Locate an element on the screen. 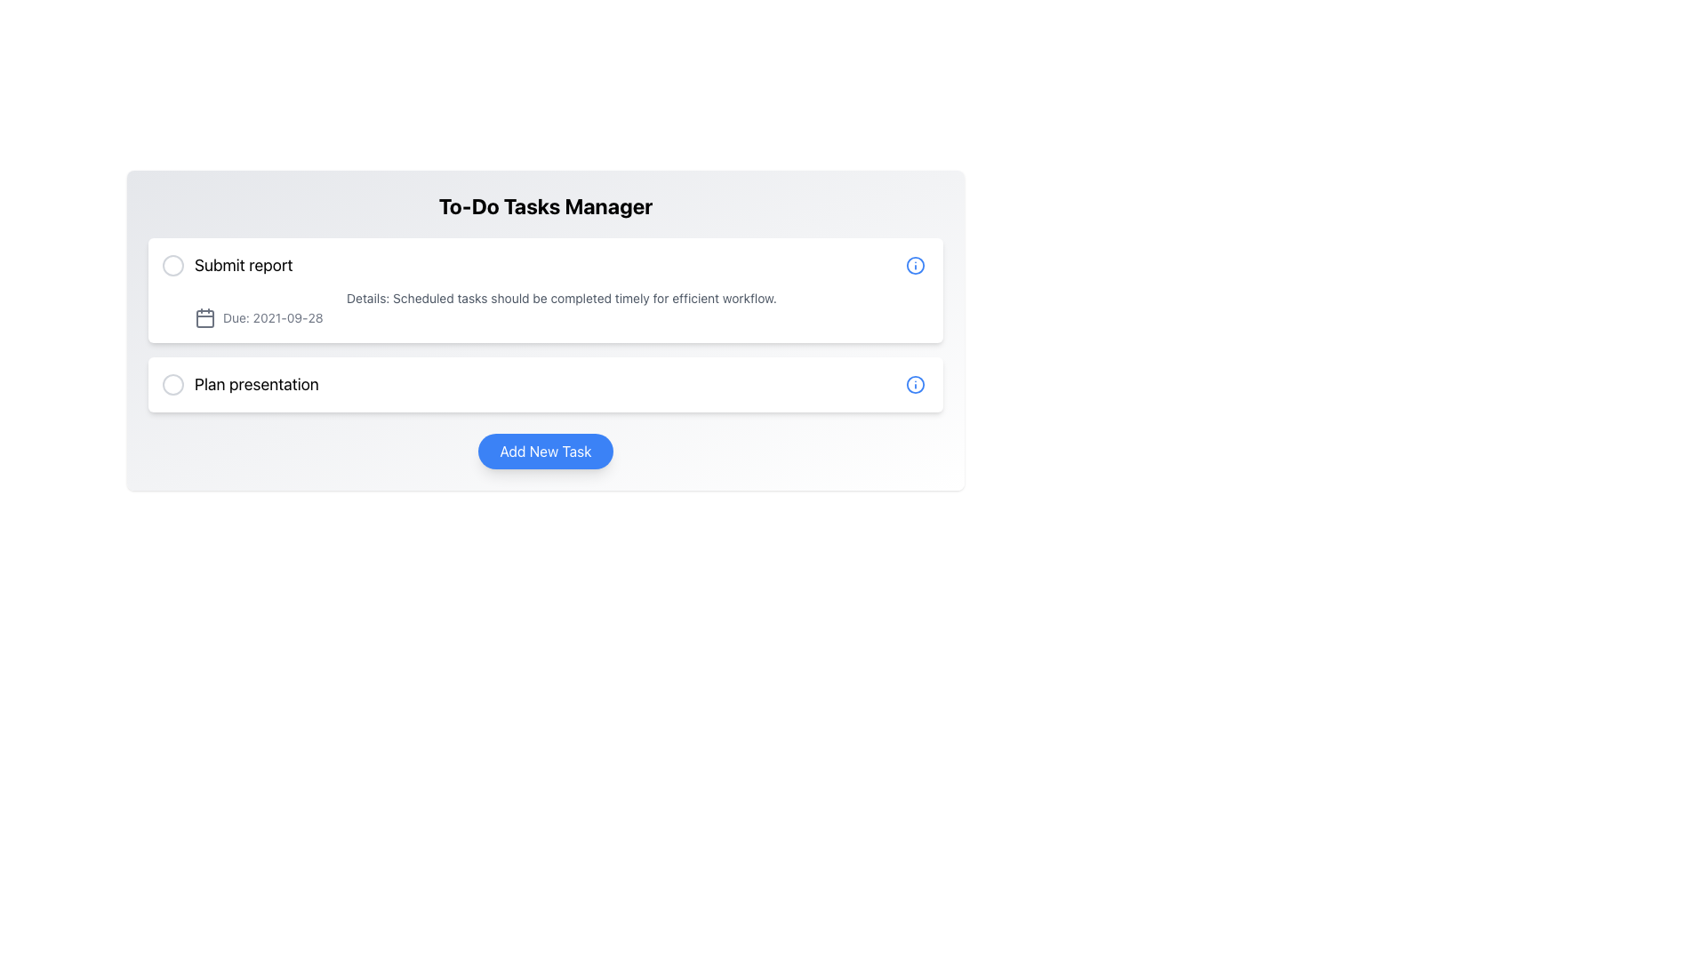 Image resolution: width=1707 pixels, height=960 pixels. the 'Add New Task' button, which is a rounded rectangular blue button with white text is located at coordinates (545, 451).